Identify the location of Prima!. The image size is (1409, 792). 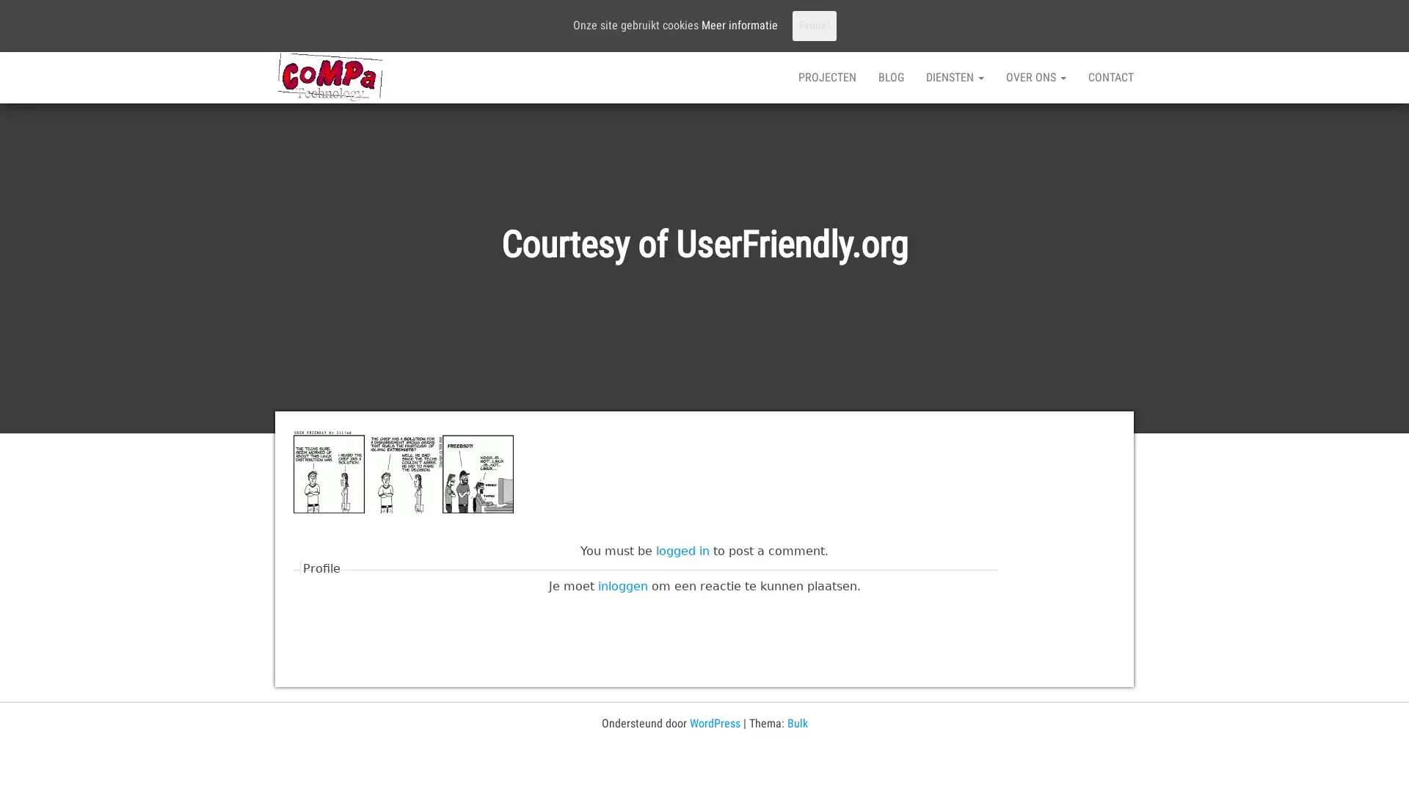
(812, 25).